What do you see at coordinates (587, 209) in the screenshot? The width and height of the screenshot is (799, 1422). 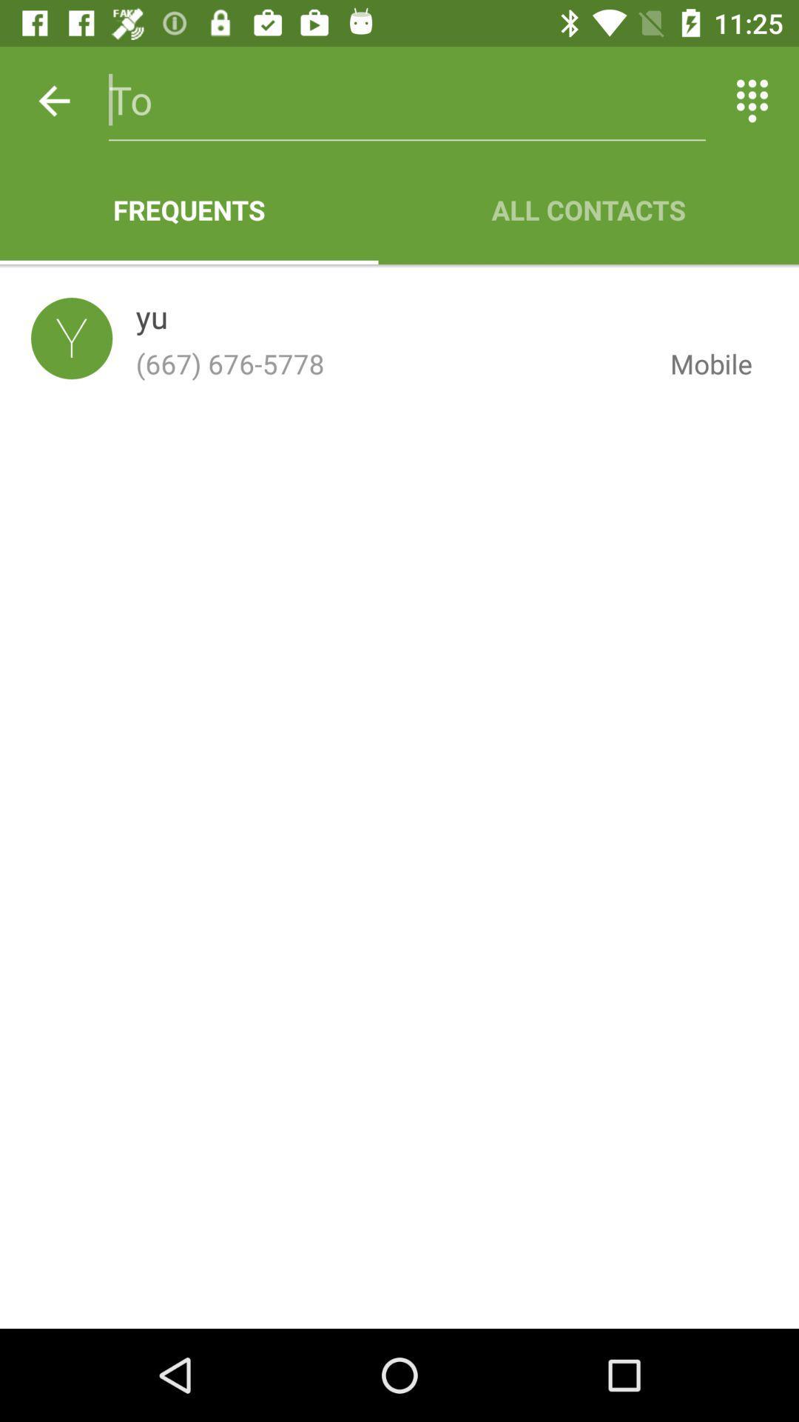 I see `the all contacts item` at bounding box center [587, 209].